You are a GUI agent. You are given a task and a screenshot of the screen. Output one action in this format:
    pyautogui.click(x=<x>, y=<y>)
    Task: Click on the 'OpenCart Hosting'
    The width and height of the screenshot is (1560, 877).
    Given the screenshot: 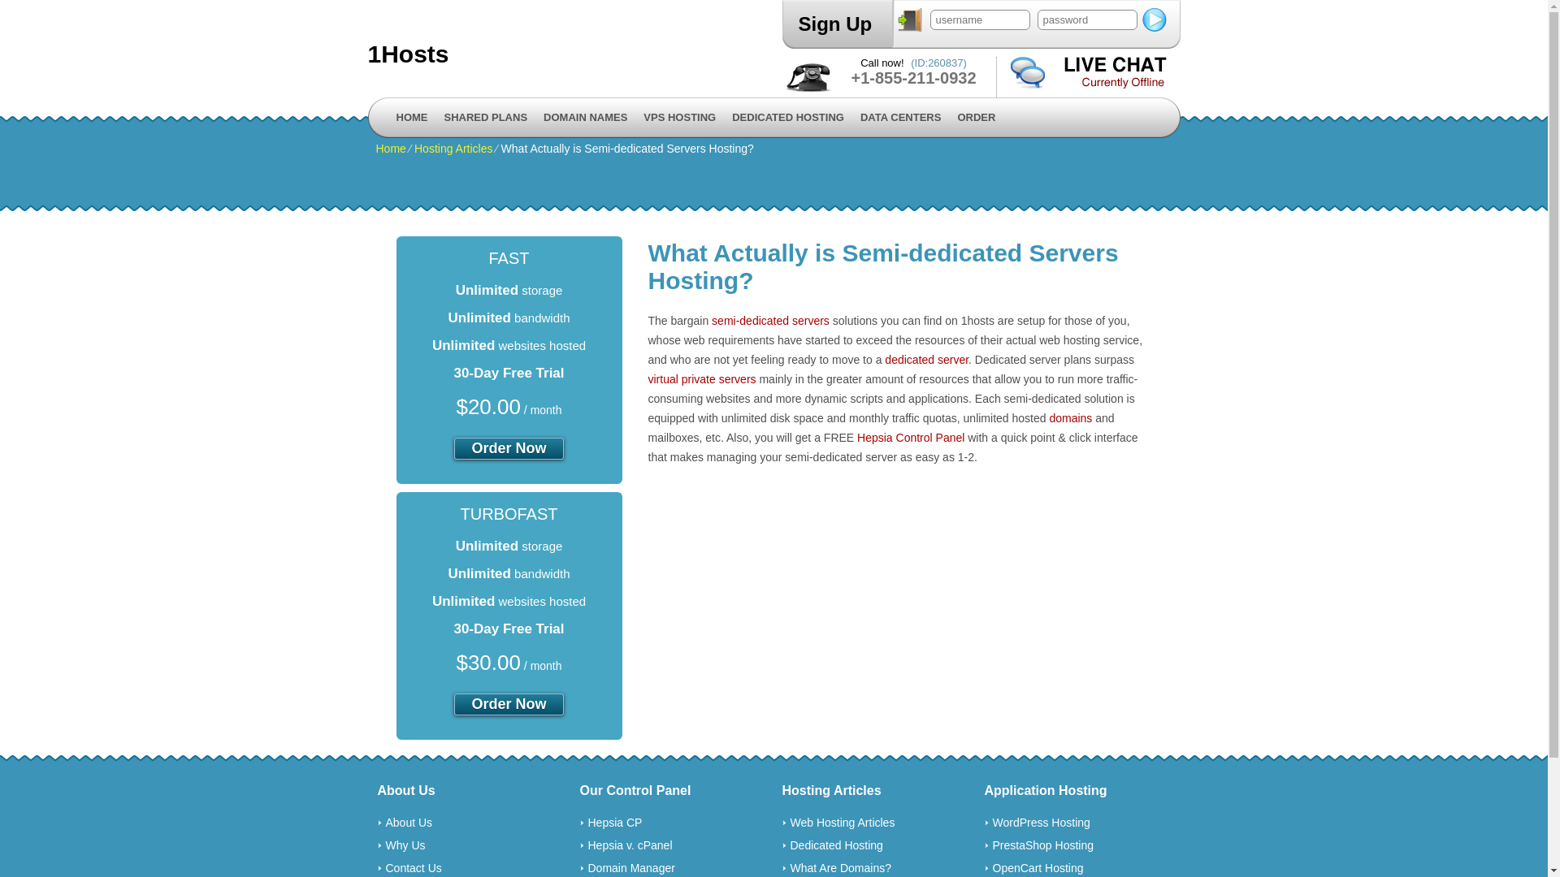 What is the action you would take?
    pyautogui.click(x=1037, y=866)
    